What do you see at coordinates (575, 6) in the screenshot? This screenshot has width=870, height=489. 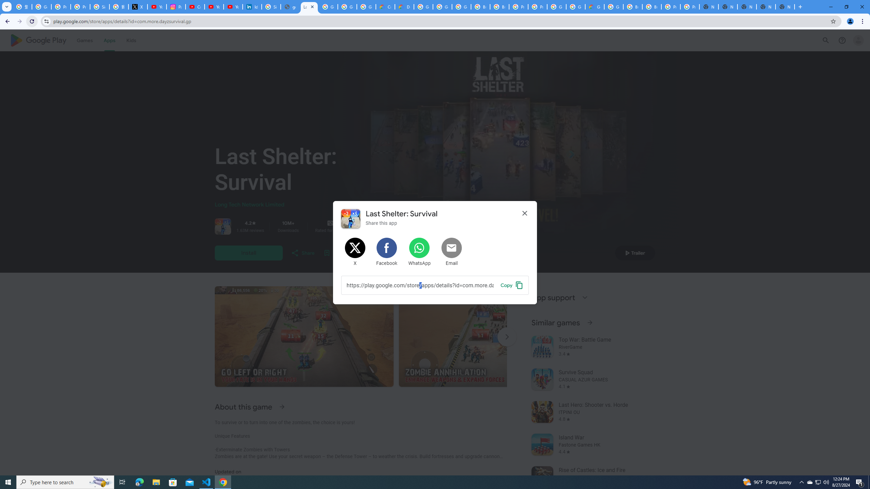 I see `'Google Cloud Platform'` at bounding box center [575, 6].